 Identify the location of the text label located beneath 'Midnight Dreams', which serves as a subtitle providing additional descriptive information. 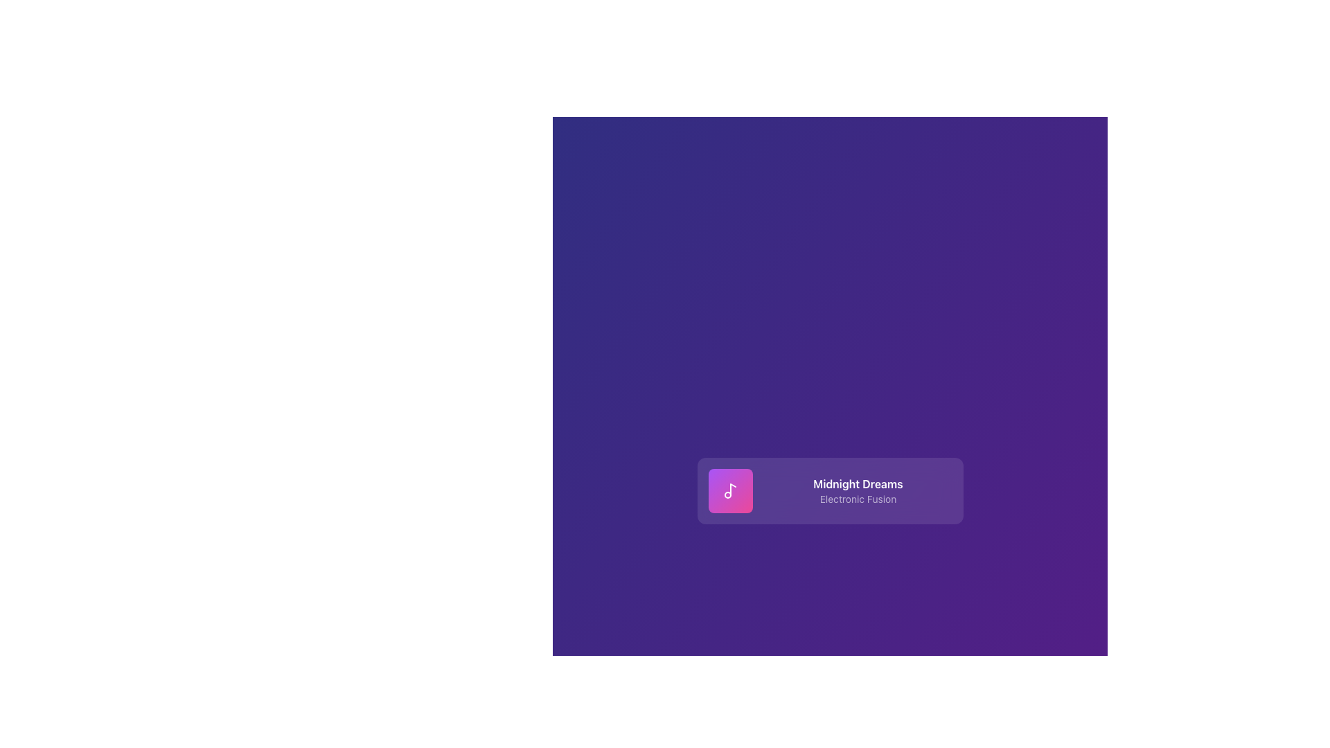
(857, 499).